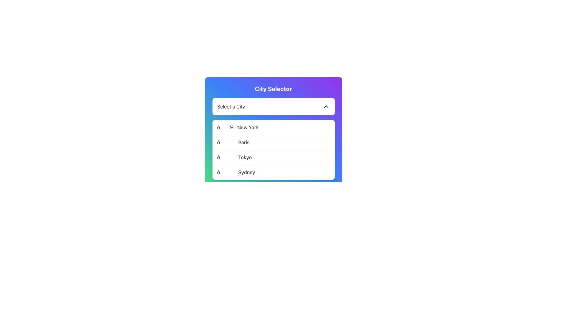 This screenshot has width=587, height=330. I want to click on the third item in the dropdown menu, so click(273, 157).